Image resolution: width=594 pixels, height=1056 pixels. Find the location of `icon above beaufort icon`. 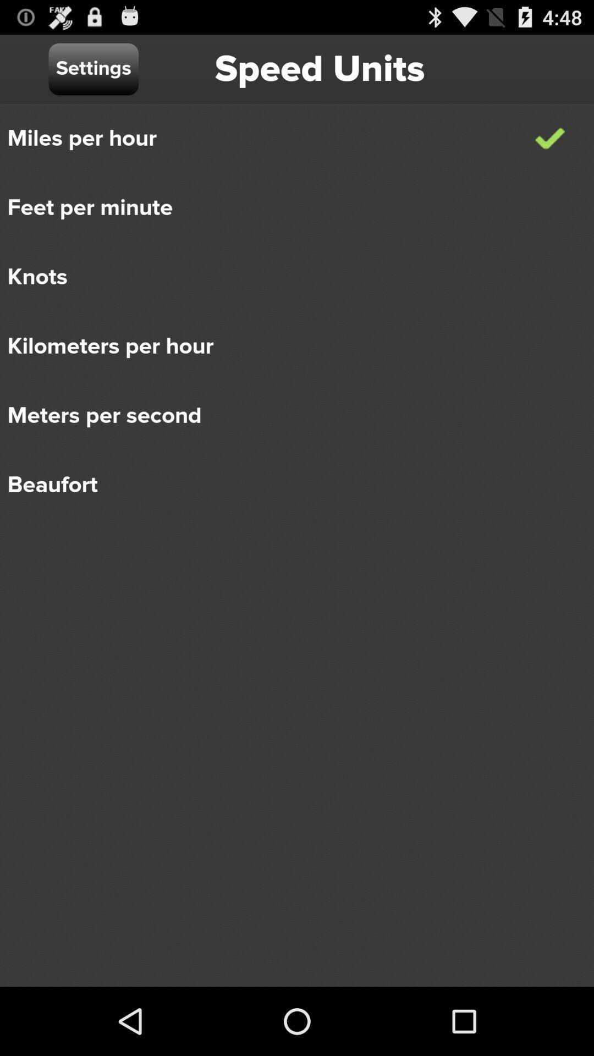

icon above beaufort icon is located at coordinates (289, 415).